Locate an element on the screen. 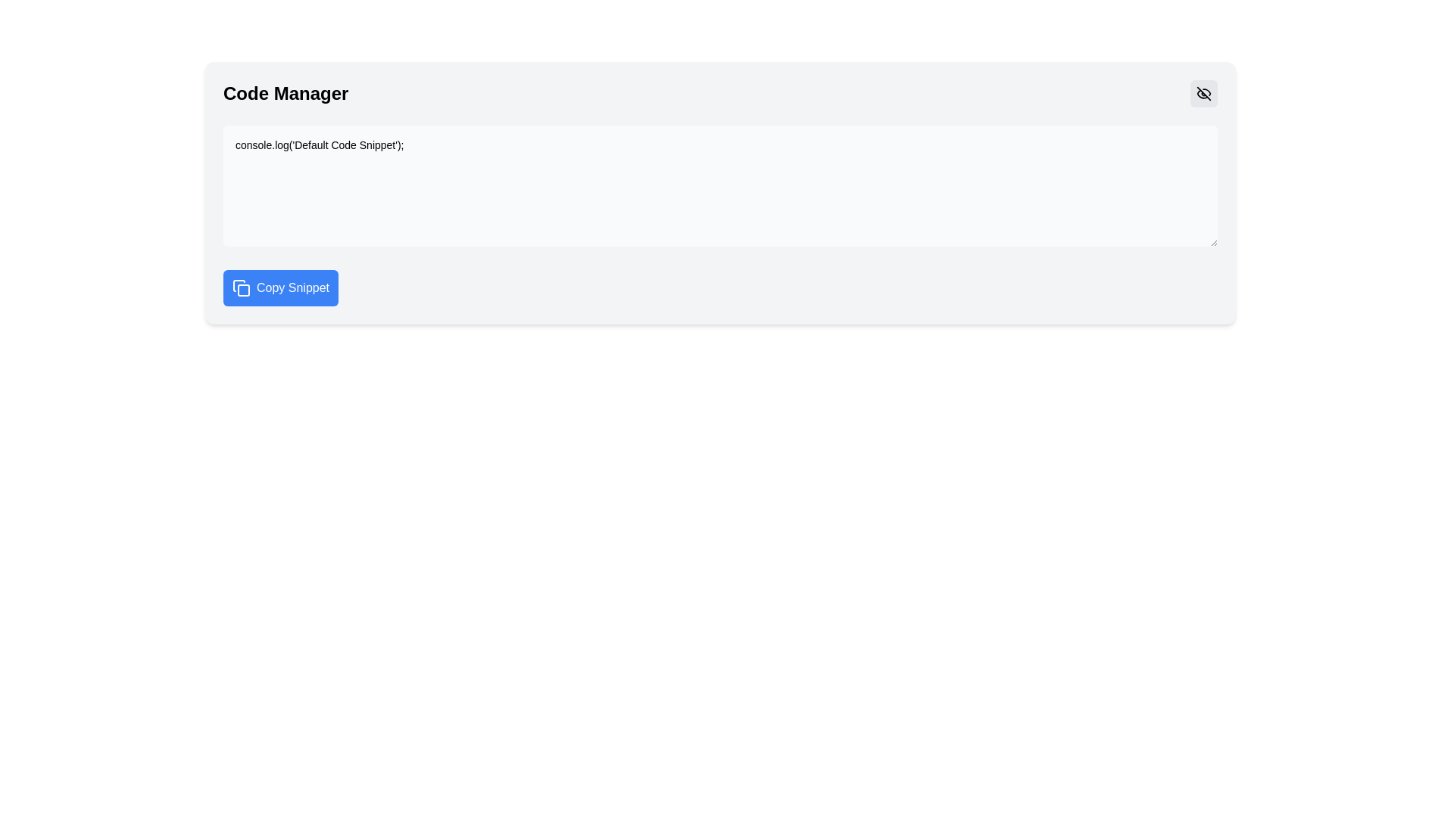  the eye-off icon located in the top-right corner of the panel is located at coordinates (1203, 93).